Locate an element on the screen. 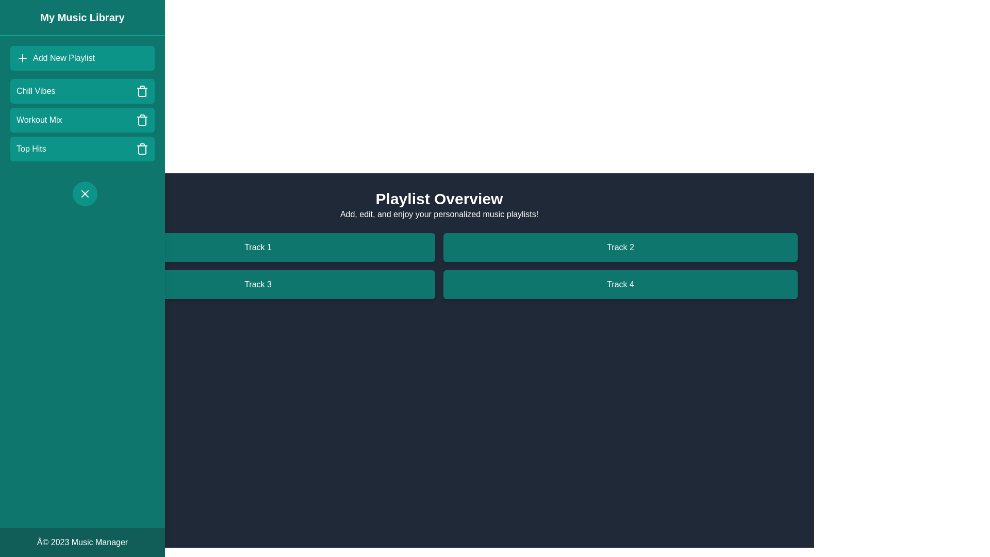  the selectable track item button for 'Track 1' located in the top-left position of the playlist overview interface is located at coordinates (258, 247).